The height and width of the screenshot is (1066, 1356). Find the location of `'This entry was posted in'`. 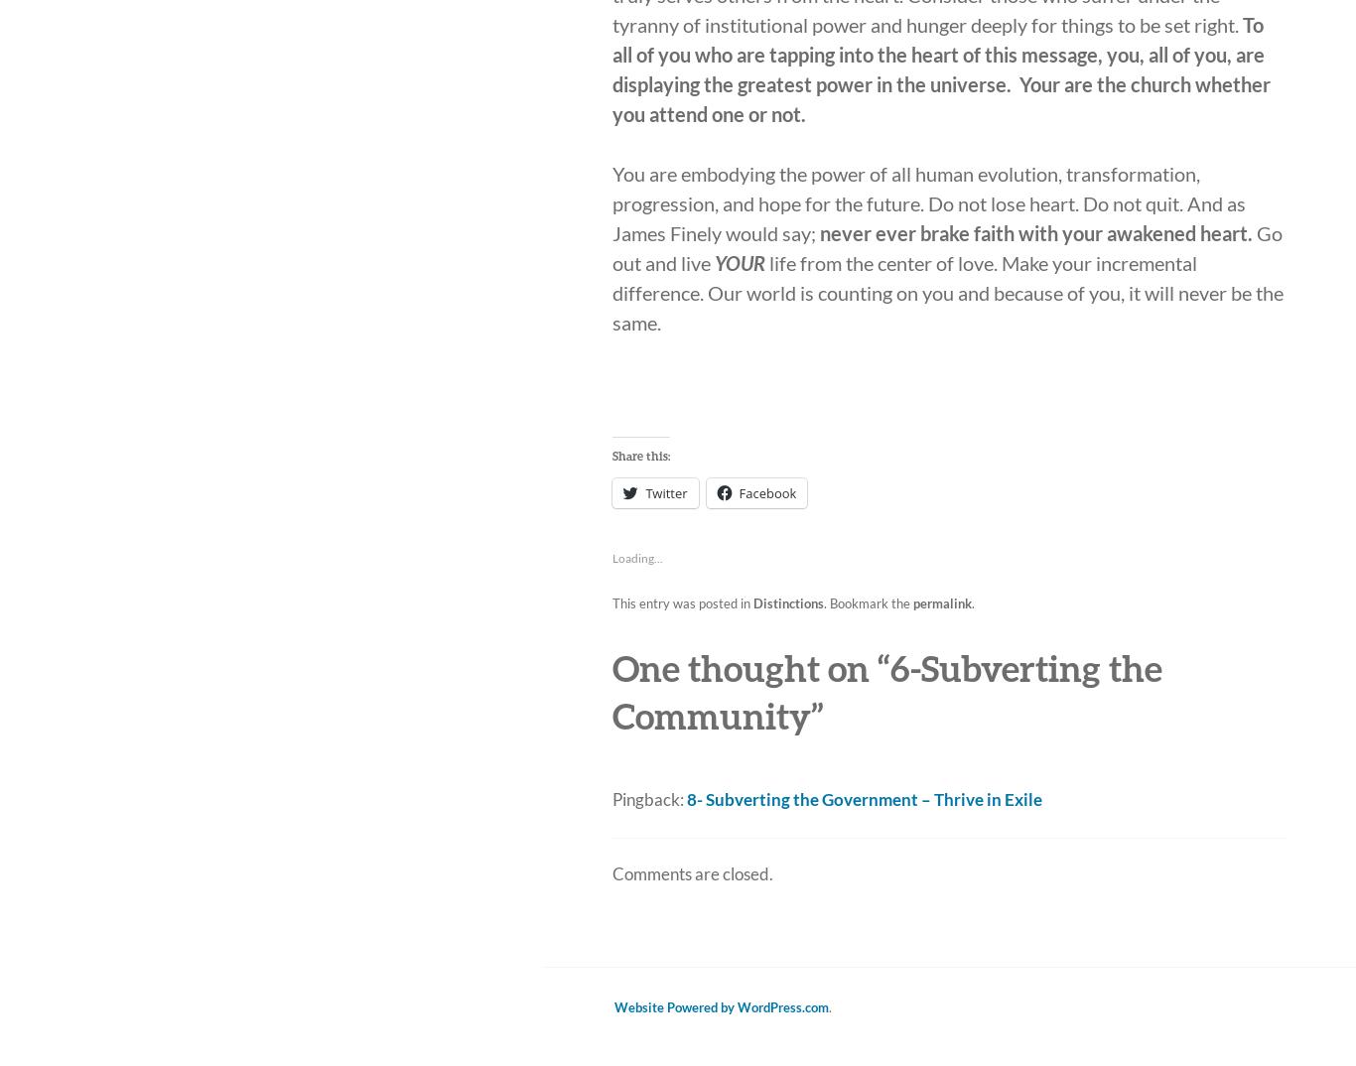

'This entry was posted in' is located at coordinates (611, 602).